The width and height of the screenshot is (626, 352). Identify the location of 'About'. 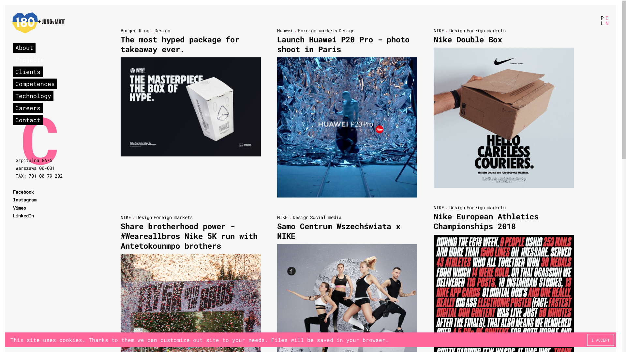
(24, 48).